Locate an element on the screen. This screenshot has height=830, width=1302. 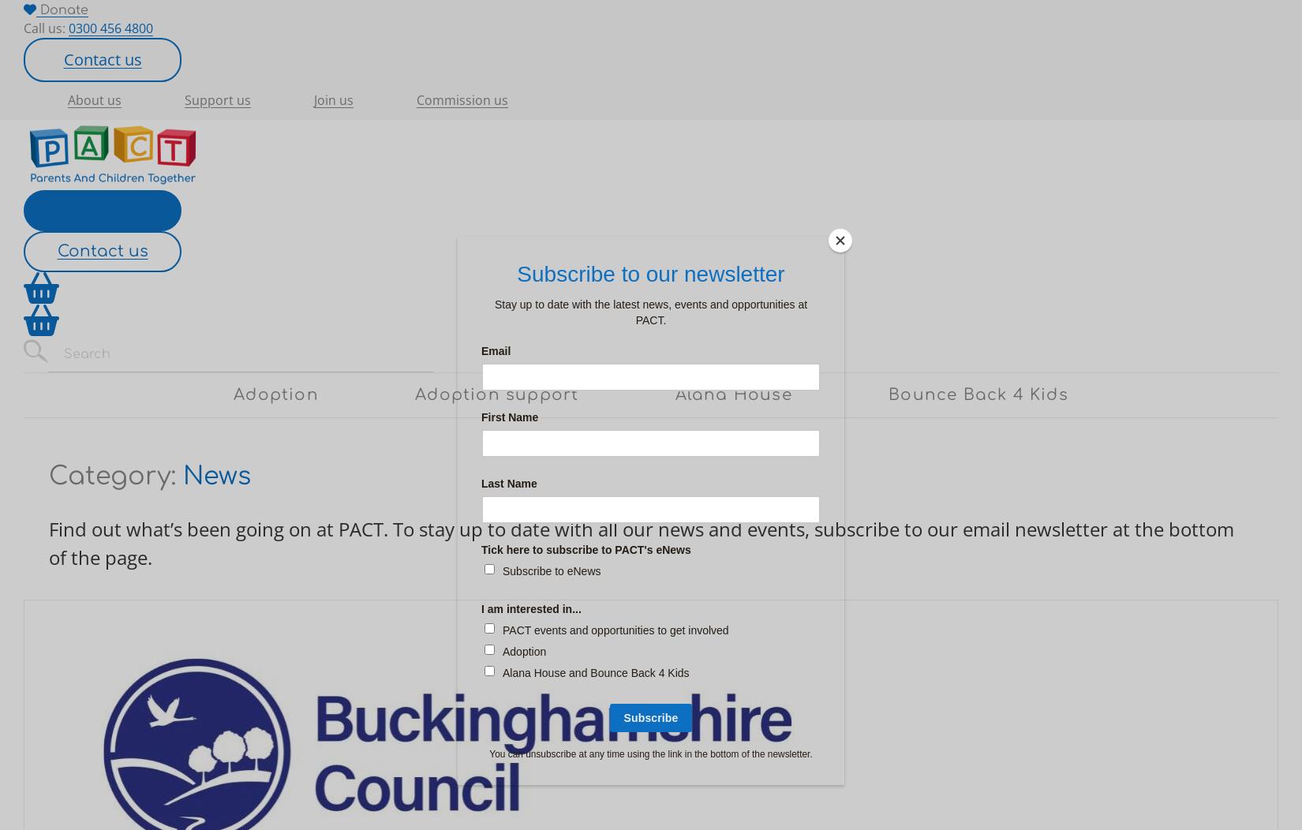
'About us' is located at coordinates (94, 99).